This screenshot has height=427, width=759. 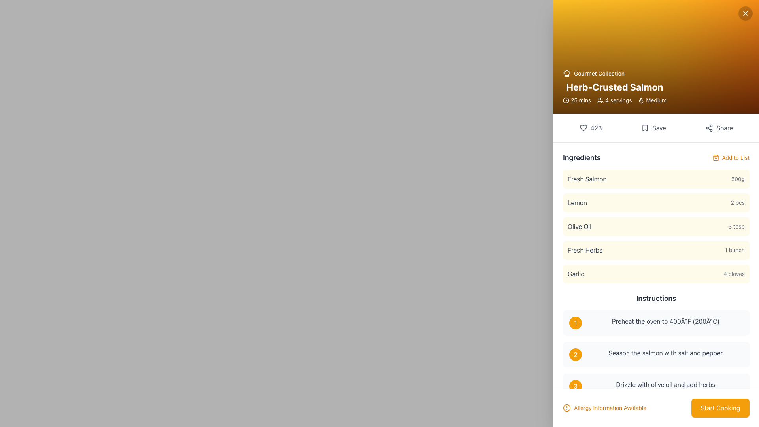 What do you see at coordinates (575, 354) in the screenshot?
I see `the step indicator located to the left of the text 'Season the salmon with salt and pepper', which denotes the second step in the procedure` at bounding box center [575, 354].